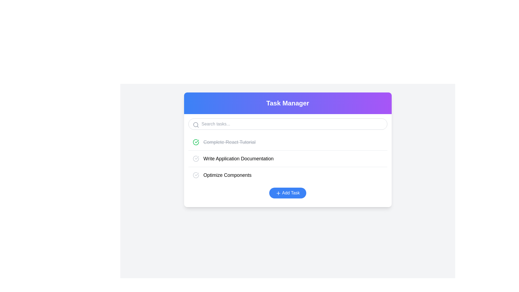 This screenshot has height=292, width=519. Describe the element at coordinates (195, 125) in the screenshot. I see `the small gray magnifying glass icon located on the left side of the 'Search tasks...' input field in the header section of the task management interface` at that location.